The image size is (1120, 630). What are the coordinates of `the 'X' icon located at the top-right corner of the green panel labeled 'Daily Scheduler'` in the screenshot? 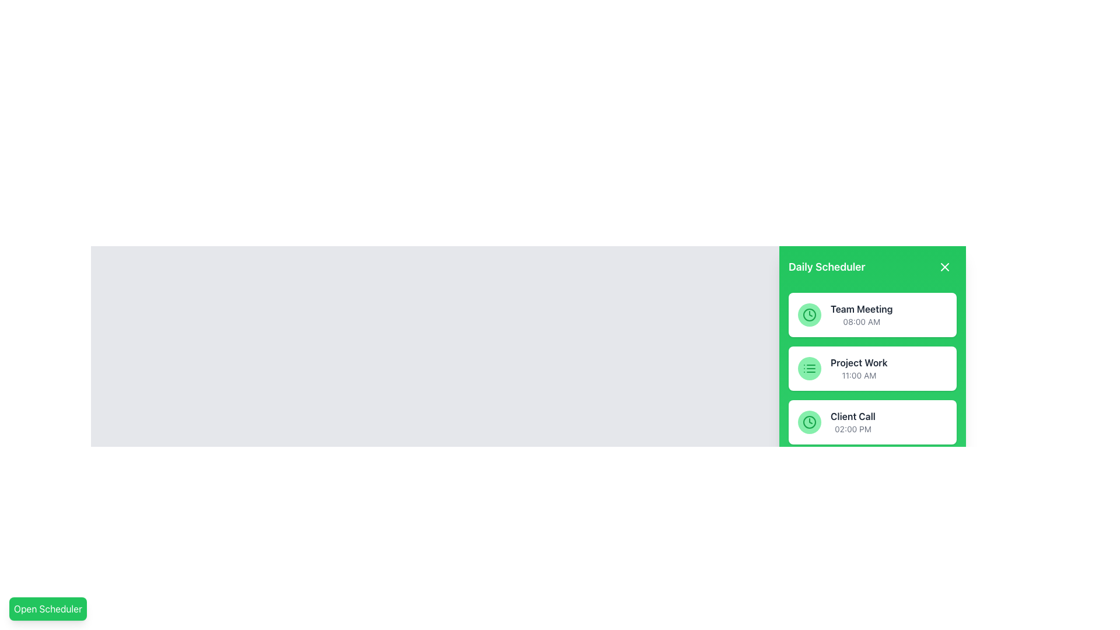 It's located at (945, 267).